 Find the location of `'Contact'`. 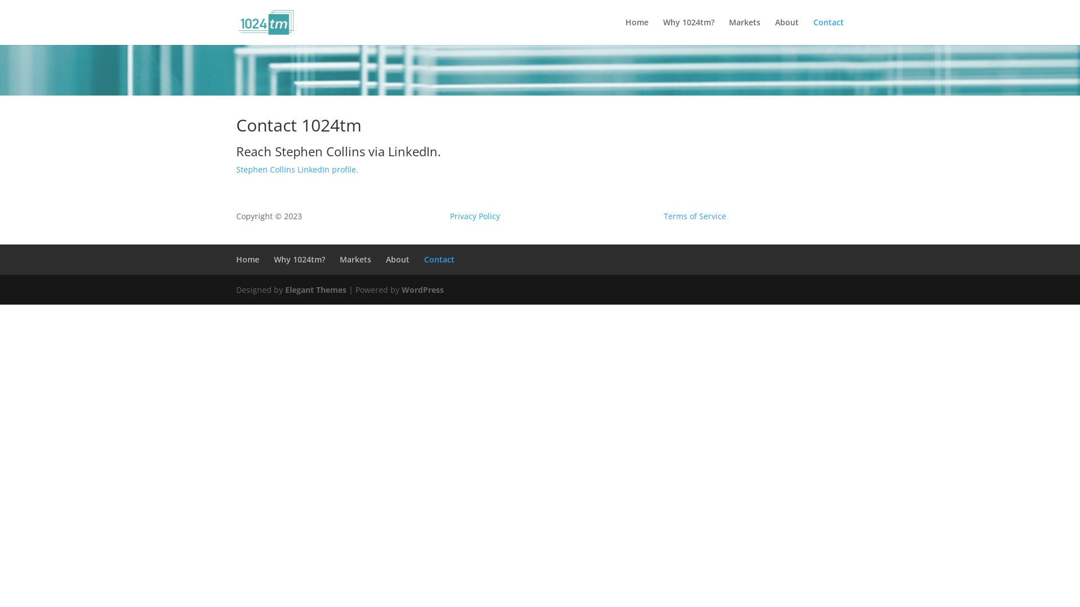

'Contact' is located at coordinates (829, 31).